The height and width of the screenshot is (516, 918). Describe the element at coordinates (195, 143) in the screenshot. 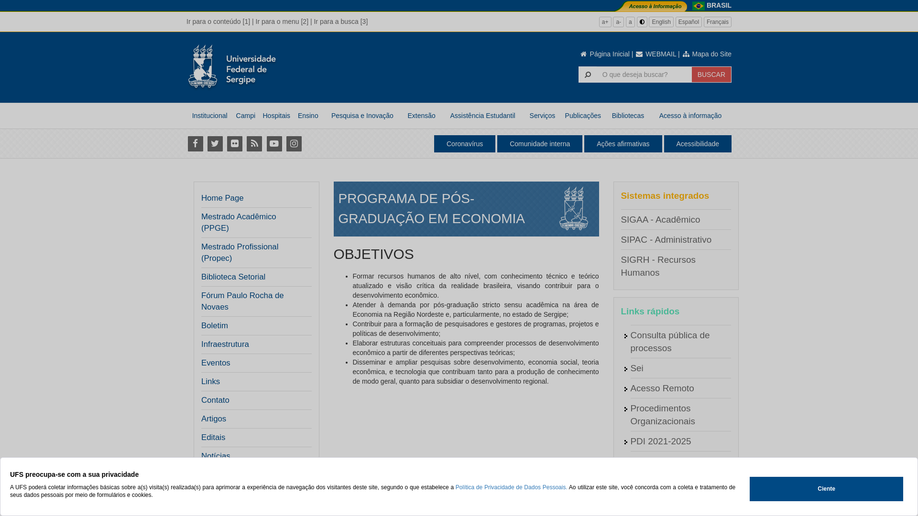

I see `'Facebook'` at that location.